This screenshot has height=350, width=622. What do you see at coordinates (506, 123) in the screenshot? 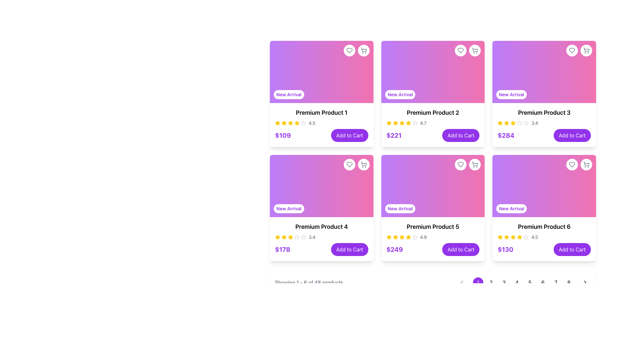
I see `the third star icon from the left in the star rating sequence, which is part of the product details card for 'Premium Product 3'` at bounding box center [506, 123].